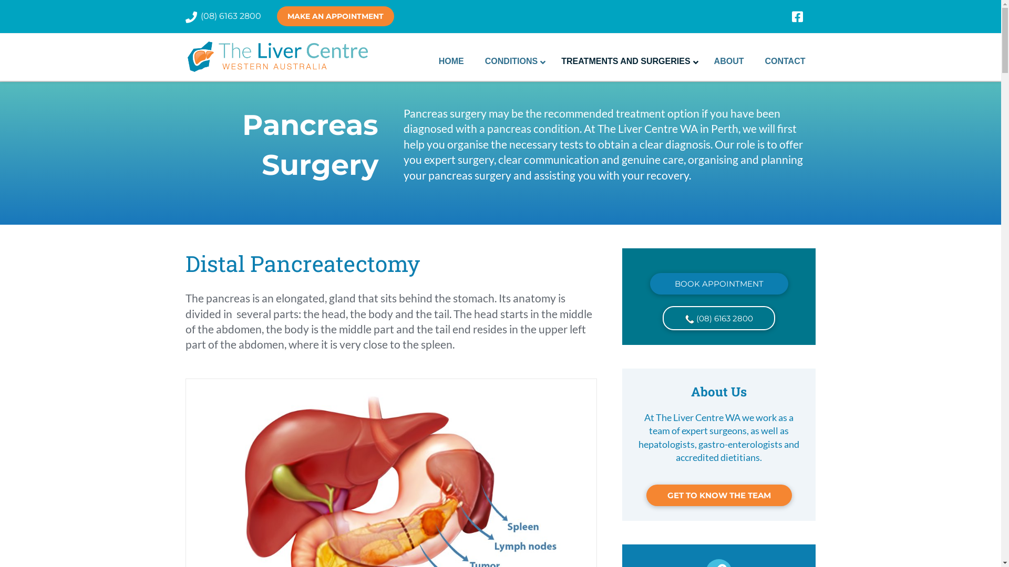  Describe the element at coordinates (451, 61) in the screenshot. I see `'HOME'` at that location.